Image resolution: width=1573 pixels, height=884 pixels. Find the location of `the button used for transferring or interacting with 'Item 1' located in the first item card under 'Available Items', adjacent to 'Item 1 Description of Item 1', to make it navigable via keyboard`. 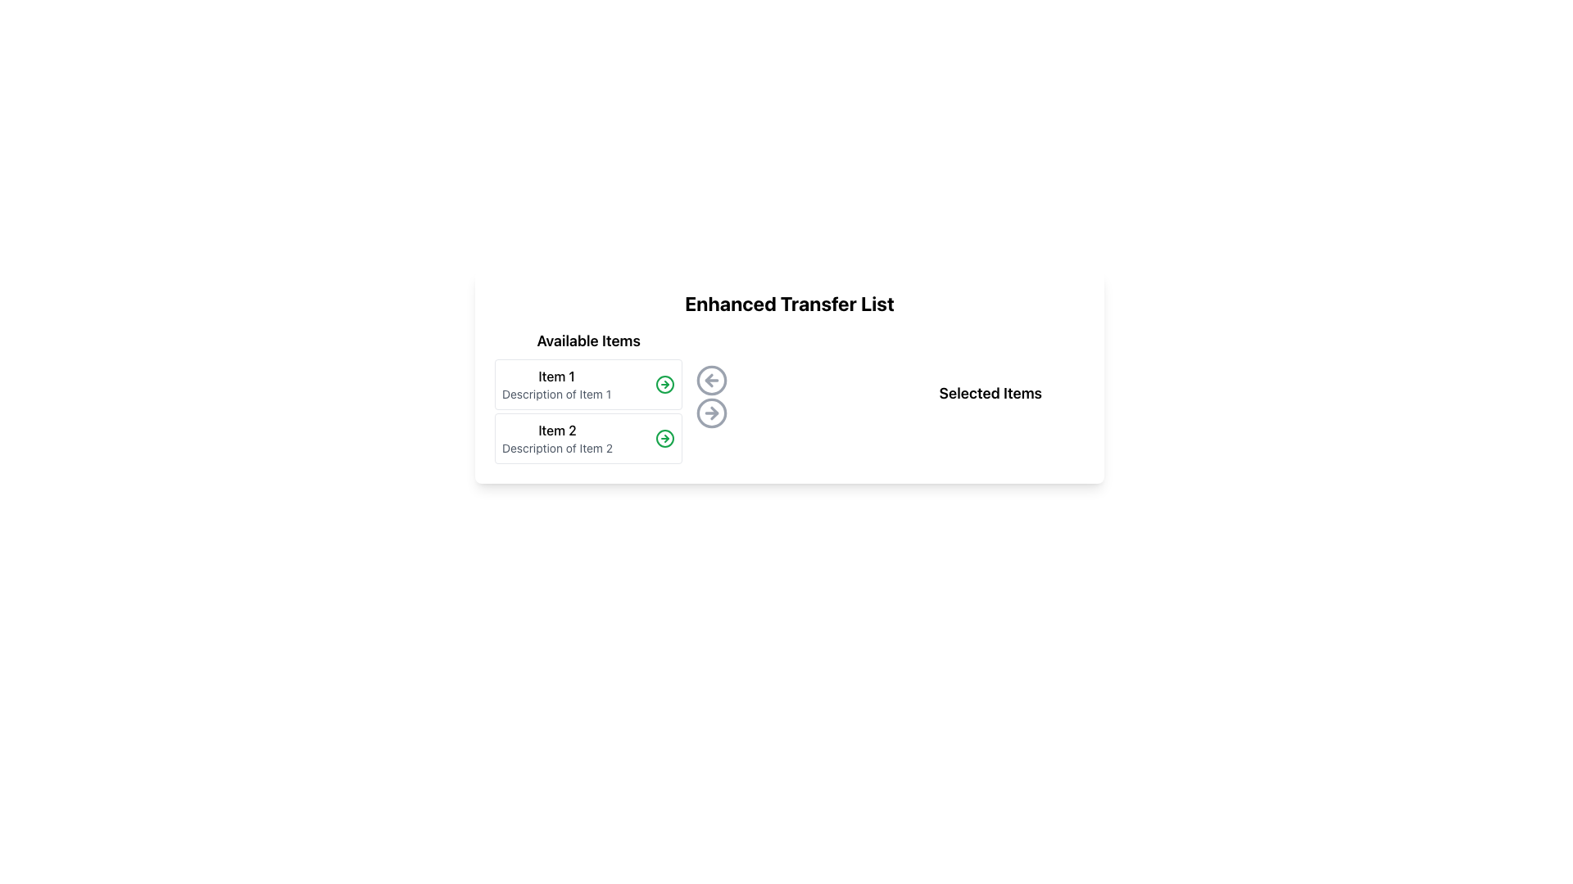

the button used for transferring or interacting with 'Item 1' located in the first item card under 'Available Items', adjacent to 'Item 1 Description of Item 1', to make it navigable via keyboard is located at coordinates (665, 385).